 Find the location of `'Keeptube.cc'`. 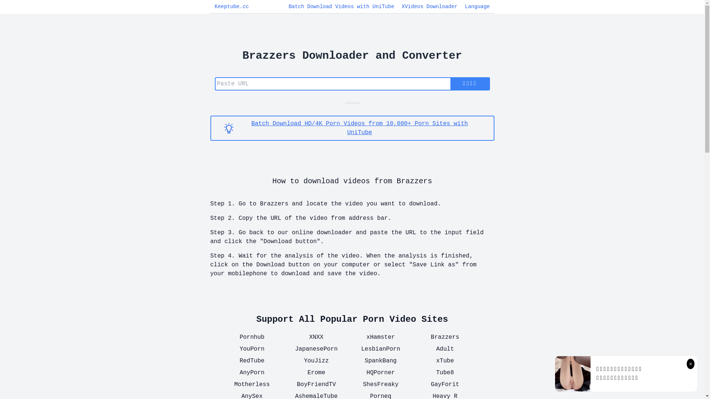

'Keeptube.cc' is located at coordinates (214, 7).